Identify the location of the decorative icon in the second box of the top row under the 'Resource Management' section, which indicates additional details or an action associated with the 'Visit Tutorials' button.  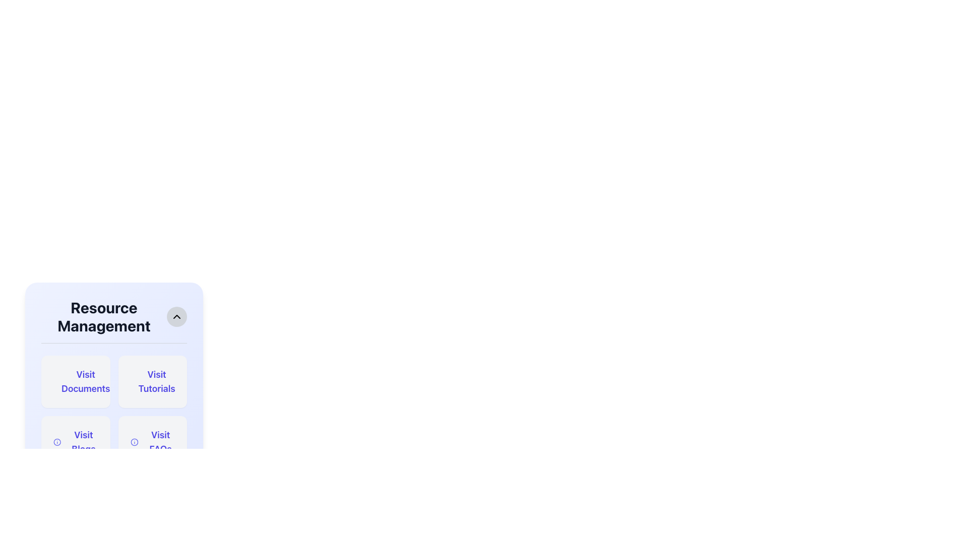
(136, 382).